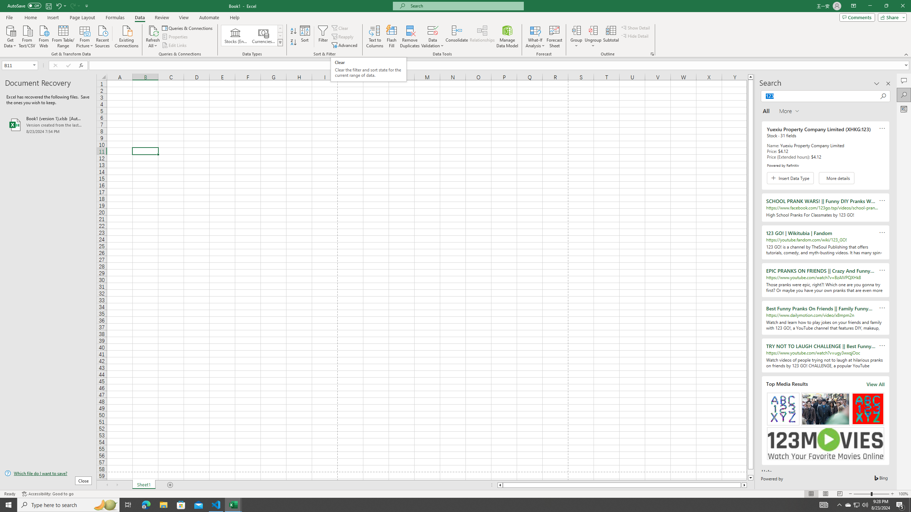 This screenshot has height=512, width=911. What do you see at coordinates (63, 36) in the screenshot?
I see `'From Table/Range'` at bounding box center [63, 36].